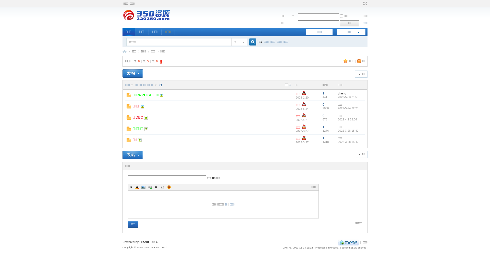 The height and width of the screenshot is (275, 490). I want to click on '1', so click(323, 138).